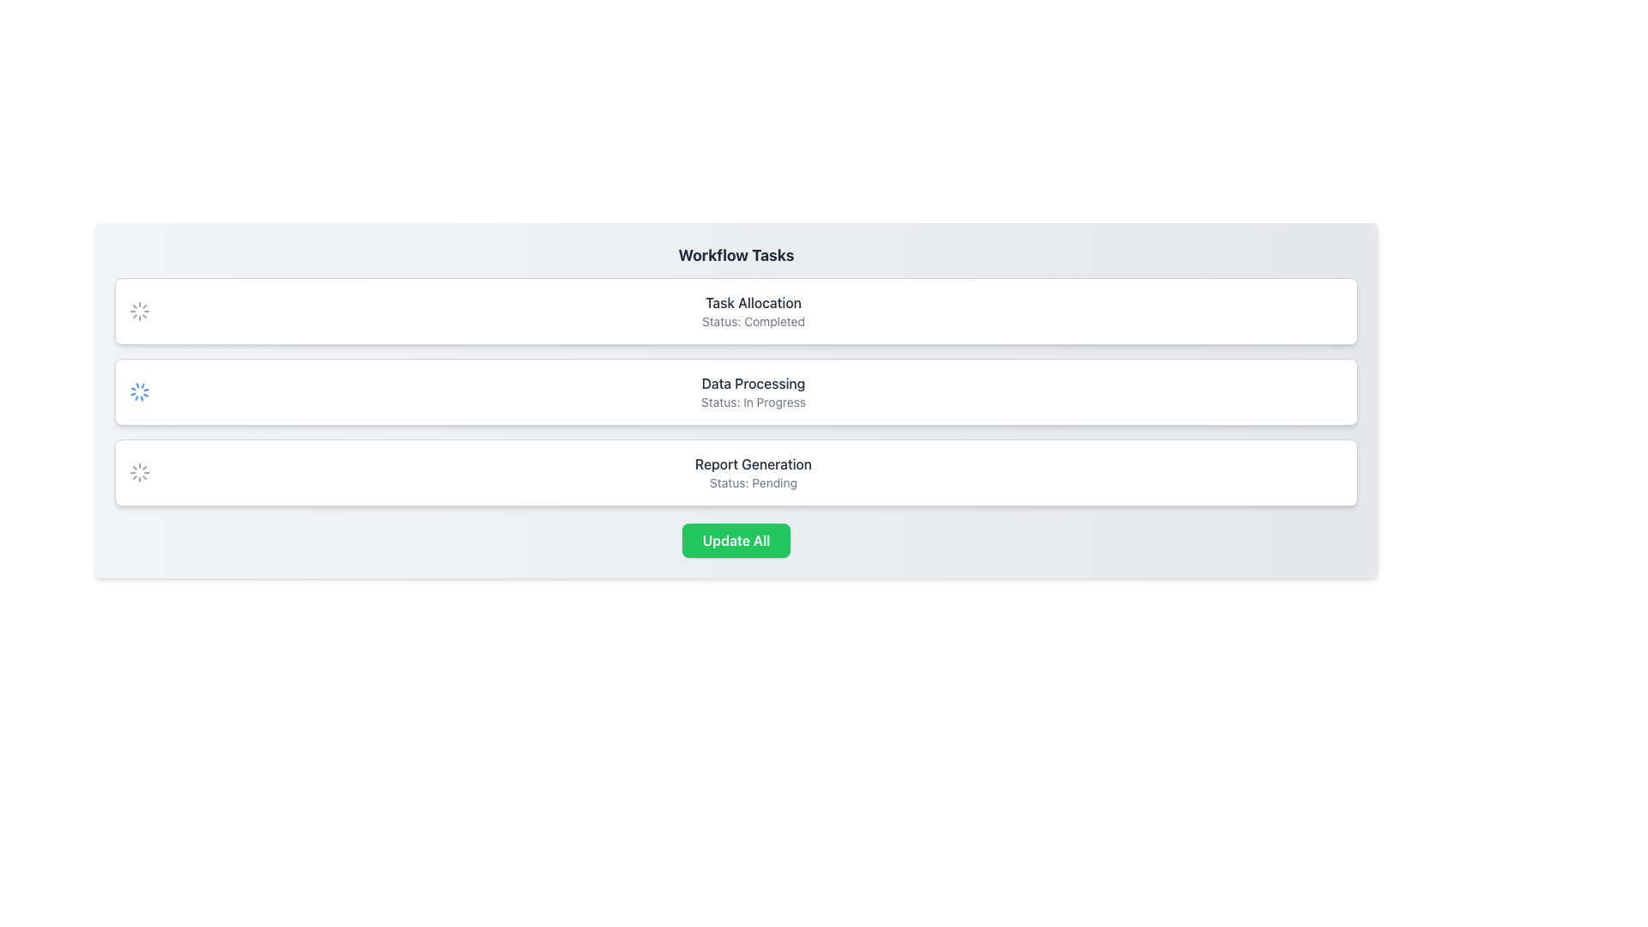  Describe the element at coordinates (754, 311) in the screenshot. I see `the 'Task Allocation' text label, which displays 'Status: Completed' below it, located at the top of the 'Workflow Tasks' section` at that location.